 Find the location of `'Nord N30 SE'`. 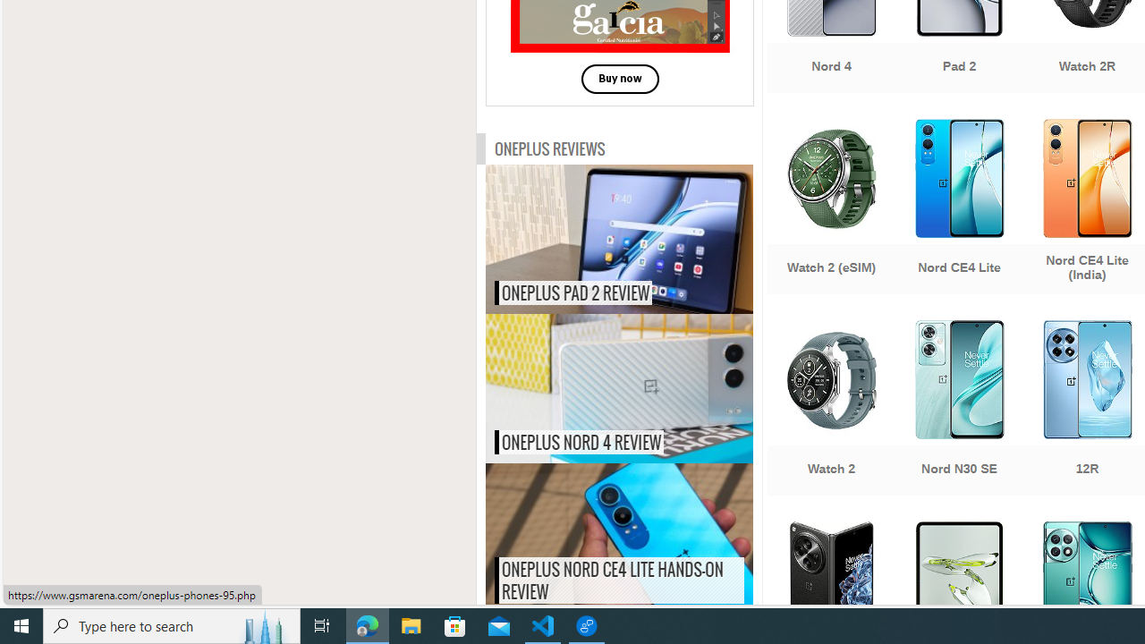

'Nord N30 SE' is located at coordinates (958, 410).